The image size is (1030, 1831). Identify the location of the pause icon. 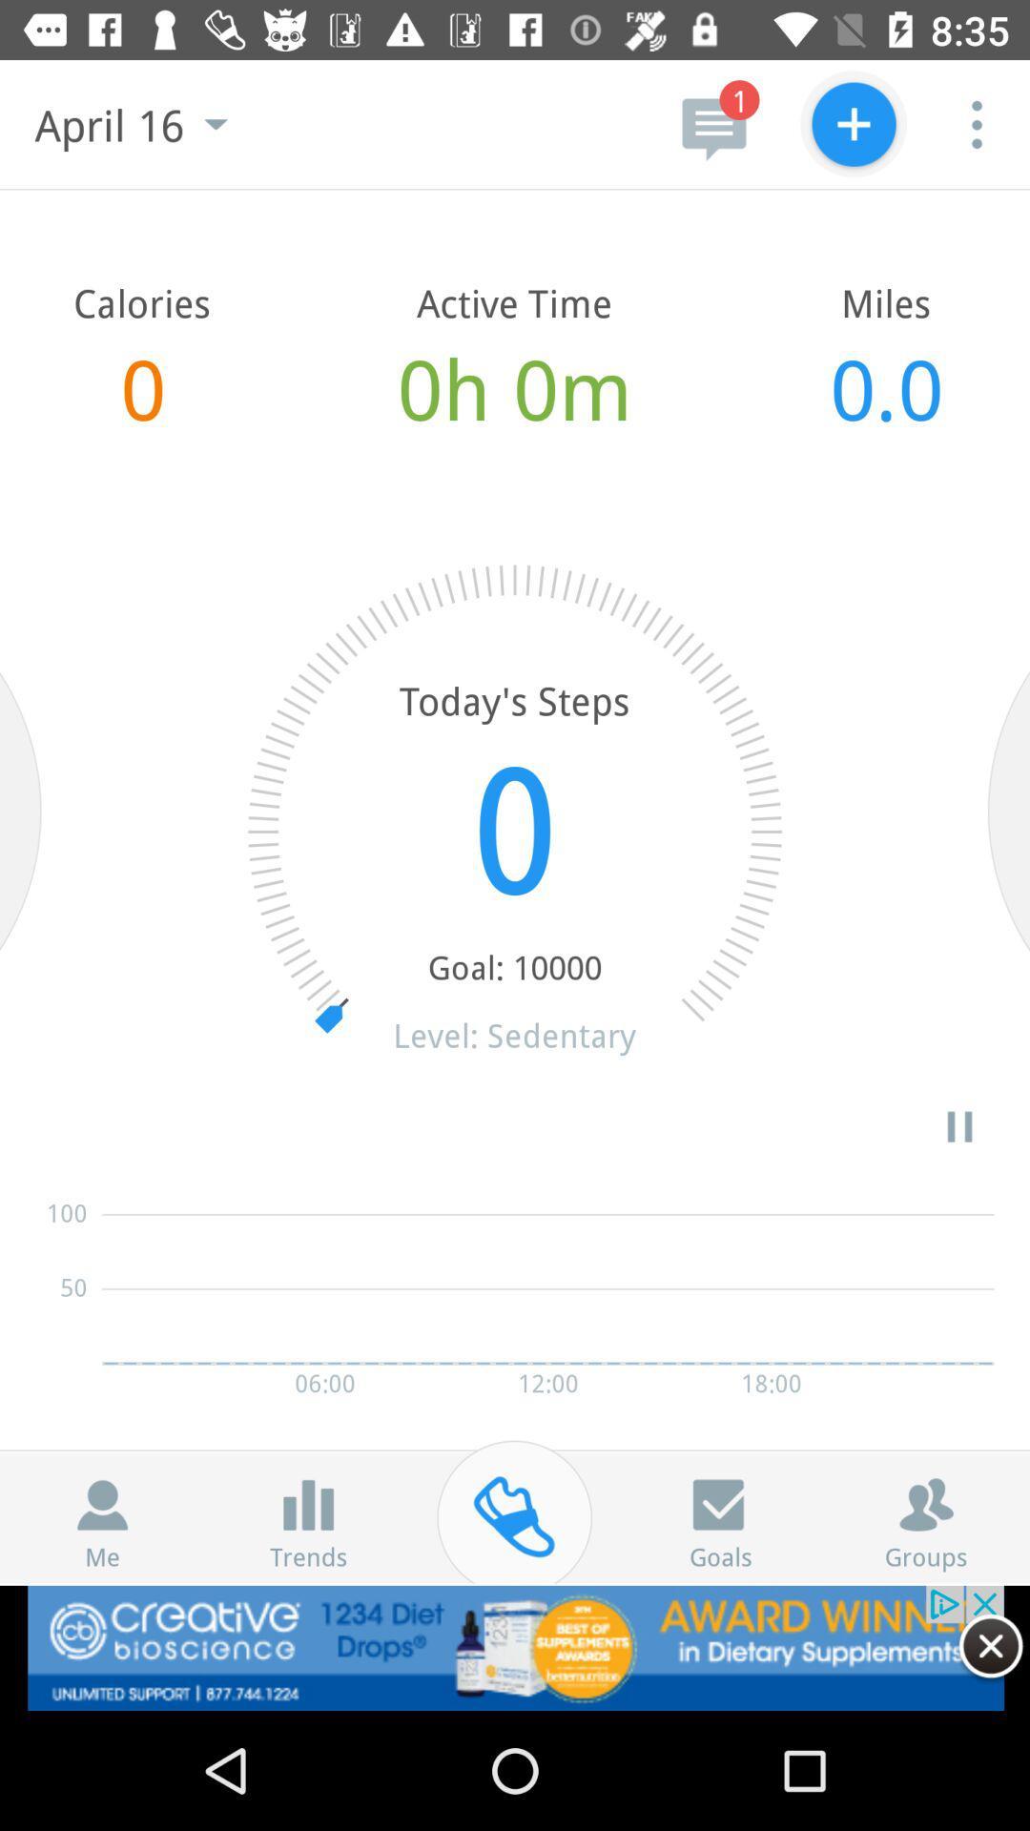
(307, 1504).